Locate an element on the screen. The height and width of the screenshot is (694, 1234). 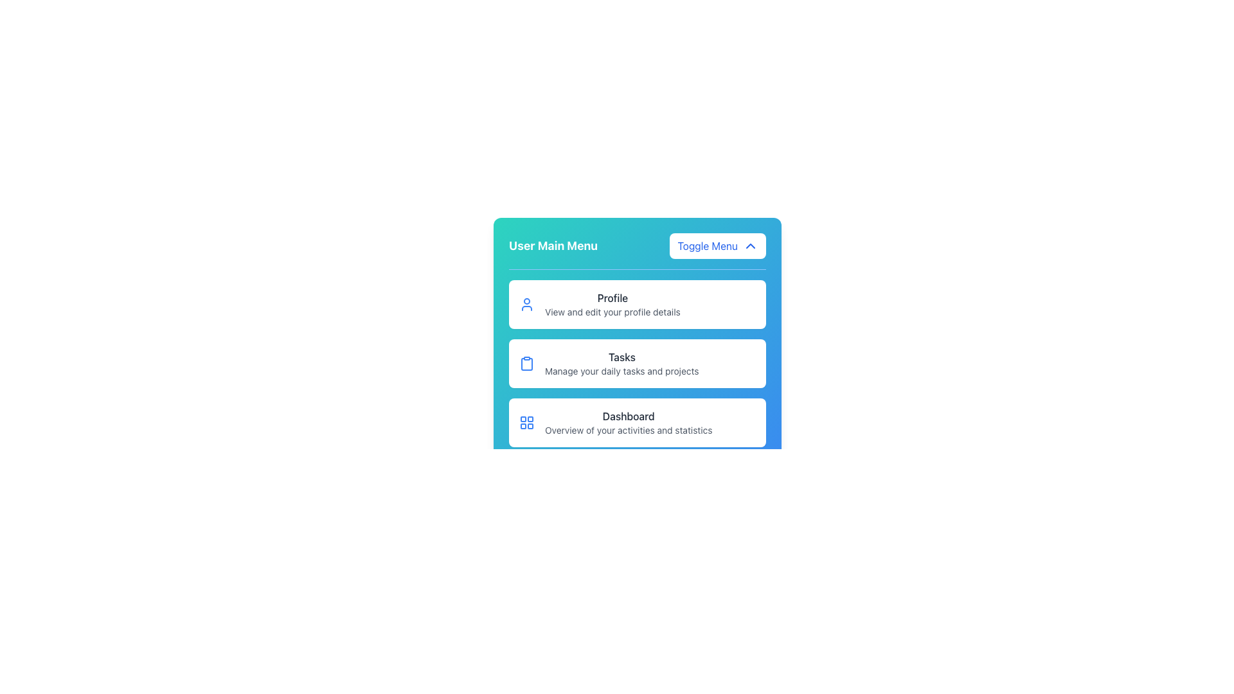
the bottom-most menu item labeled 'Dashboard' in the vertically arranged list is located at coordinates (629, 423).